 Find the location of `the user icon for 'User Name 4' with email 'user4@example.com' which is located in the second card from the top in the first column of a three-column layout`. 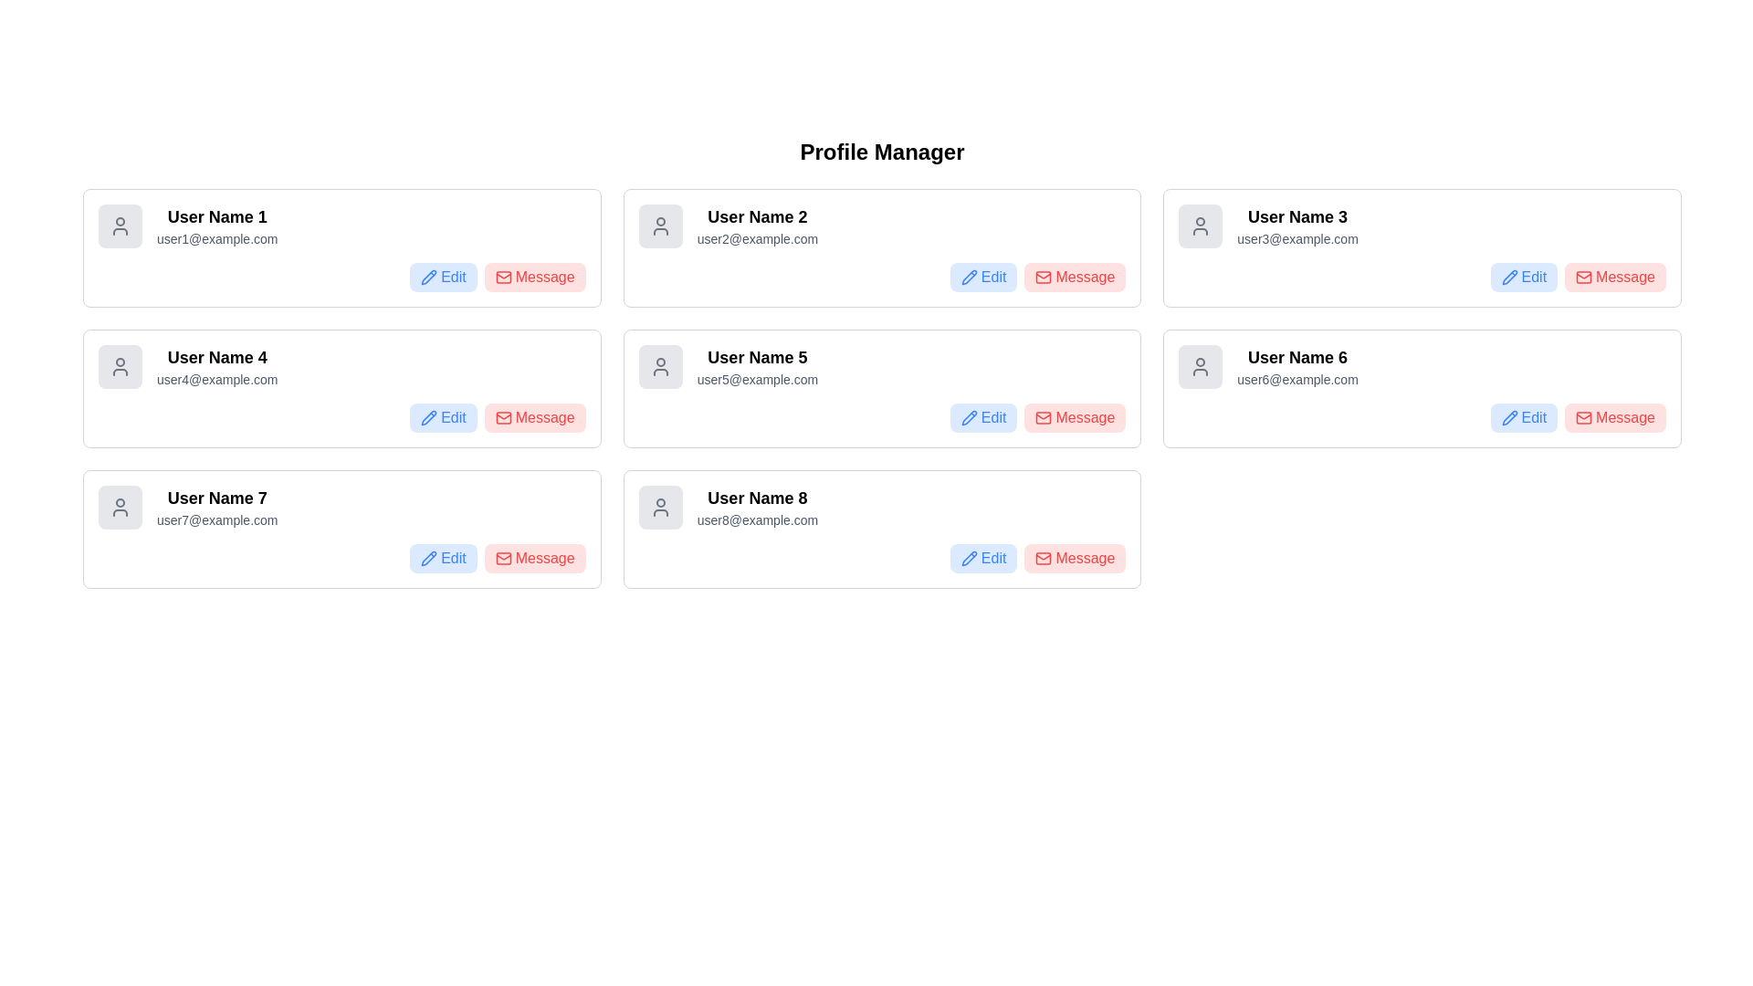

the user icon for 'User Name 4' with email 'user4@example.com' which is located in the second card from the top in the first column of a three-column layout is located at coordinates (120, 366).